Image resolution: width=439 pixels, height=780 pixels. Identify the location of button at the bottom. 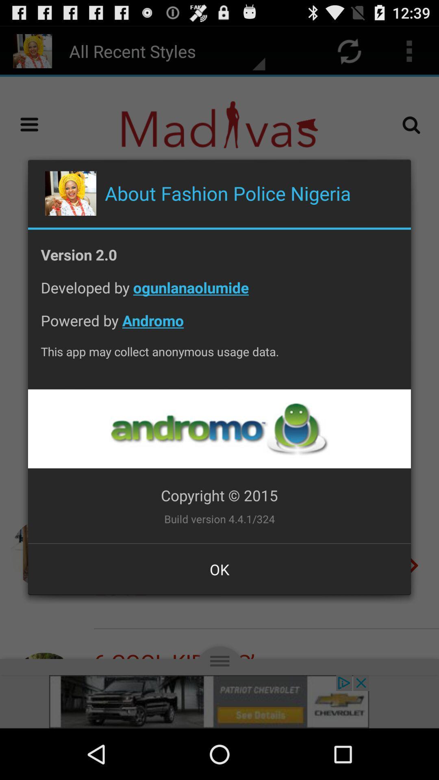
(219, 569).